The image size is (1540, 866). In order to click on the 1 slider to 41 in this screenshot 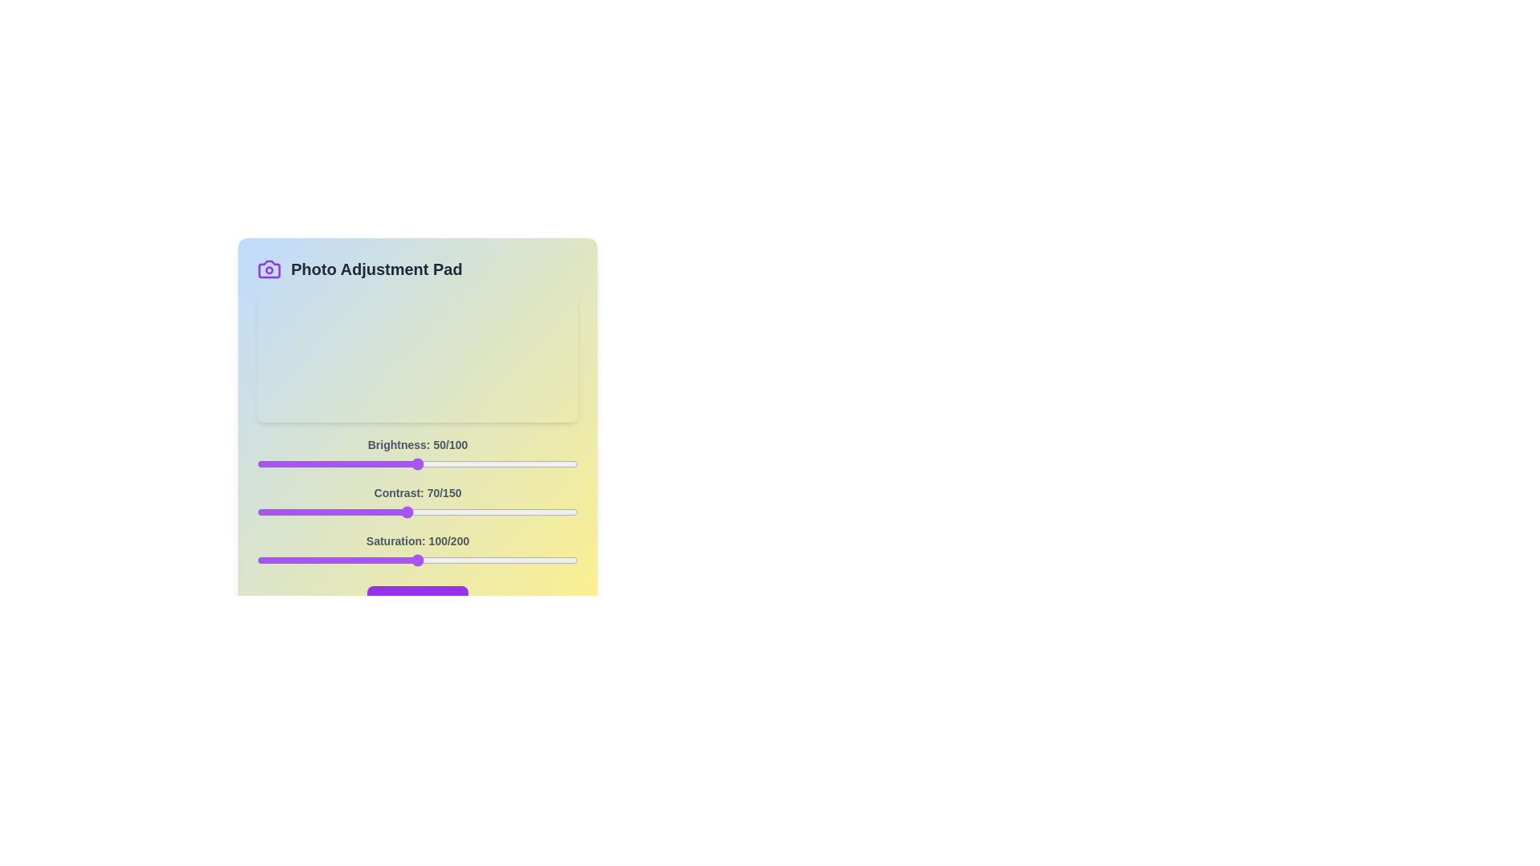, I will do `click(344, 512)`.